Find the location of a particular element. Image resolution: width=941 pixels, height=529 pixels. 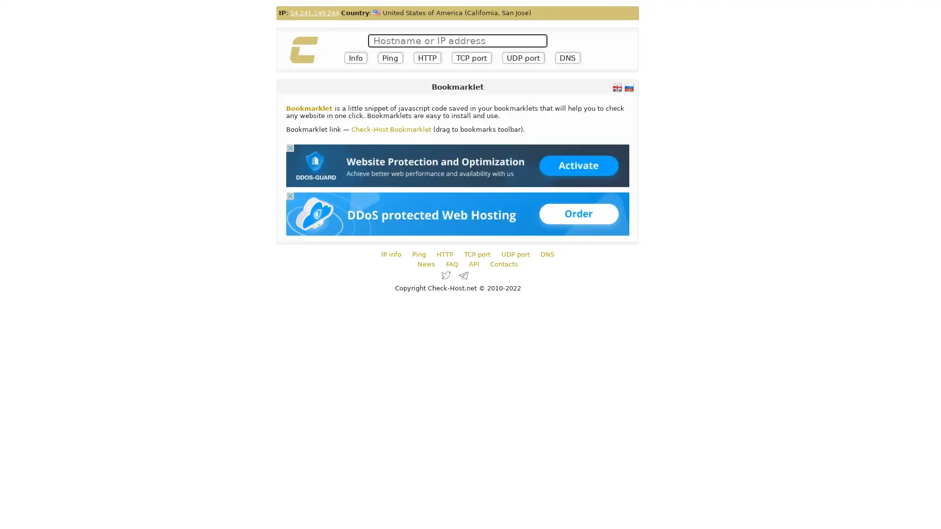

TCP port is located at coordinates (471, 58).